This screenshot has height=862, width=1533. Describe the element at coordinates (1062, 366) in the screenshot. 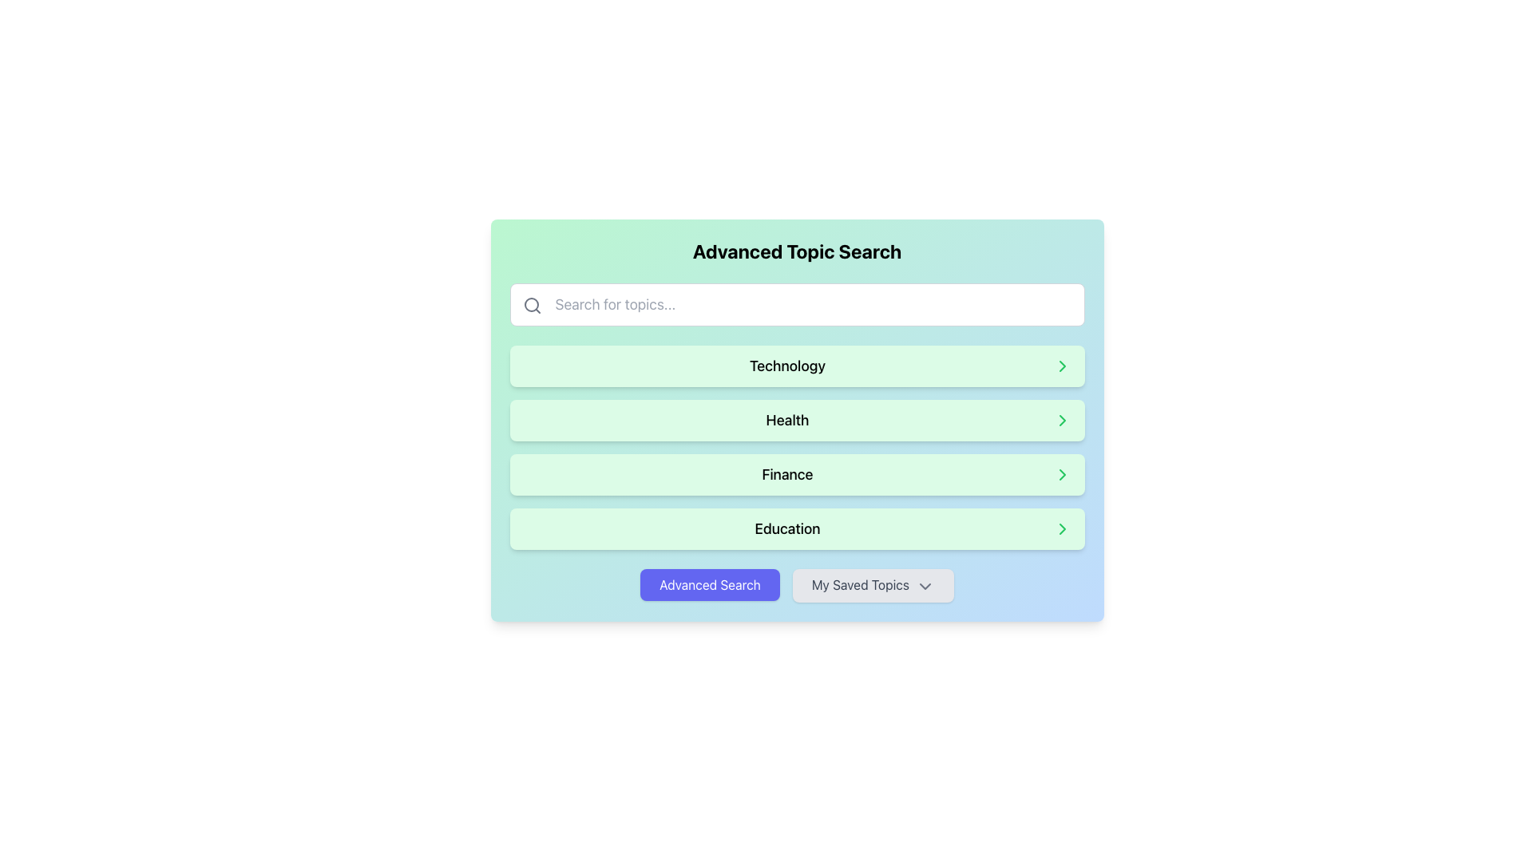

I see `the vector-based icon resembling a chevron or arrow located within the button labeled 'Technology', positioned near the right edge of the button` at that location.